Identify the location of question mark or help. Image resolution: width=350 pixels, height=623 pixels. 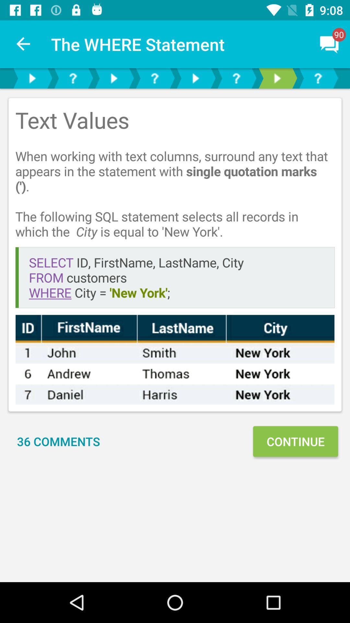
(236, 78).